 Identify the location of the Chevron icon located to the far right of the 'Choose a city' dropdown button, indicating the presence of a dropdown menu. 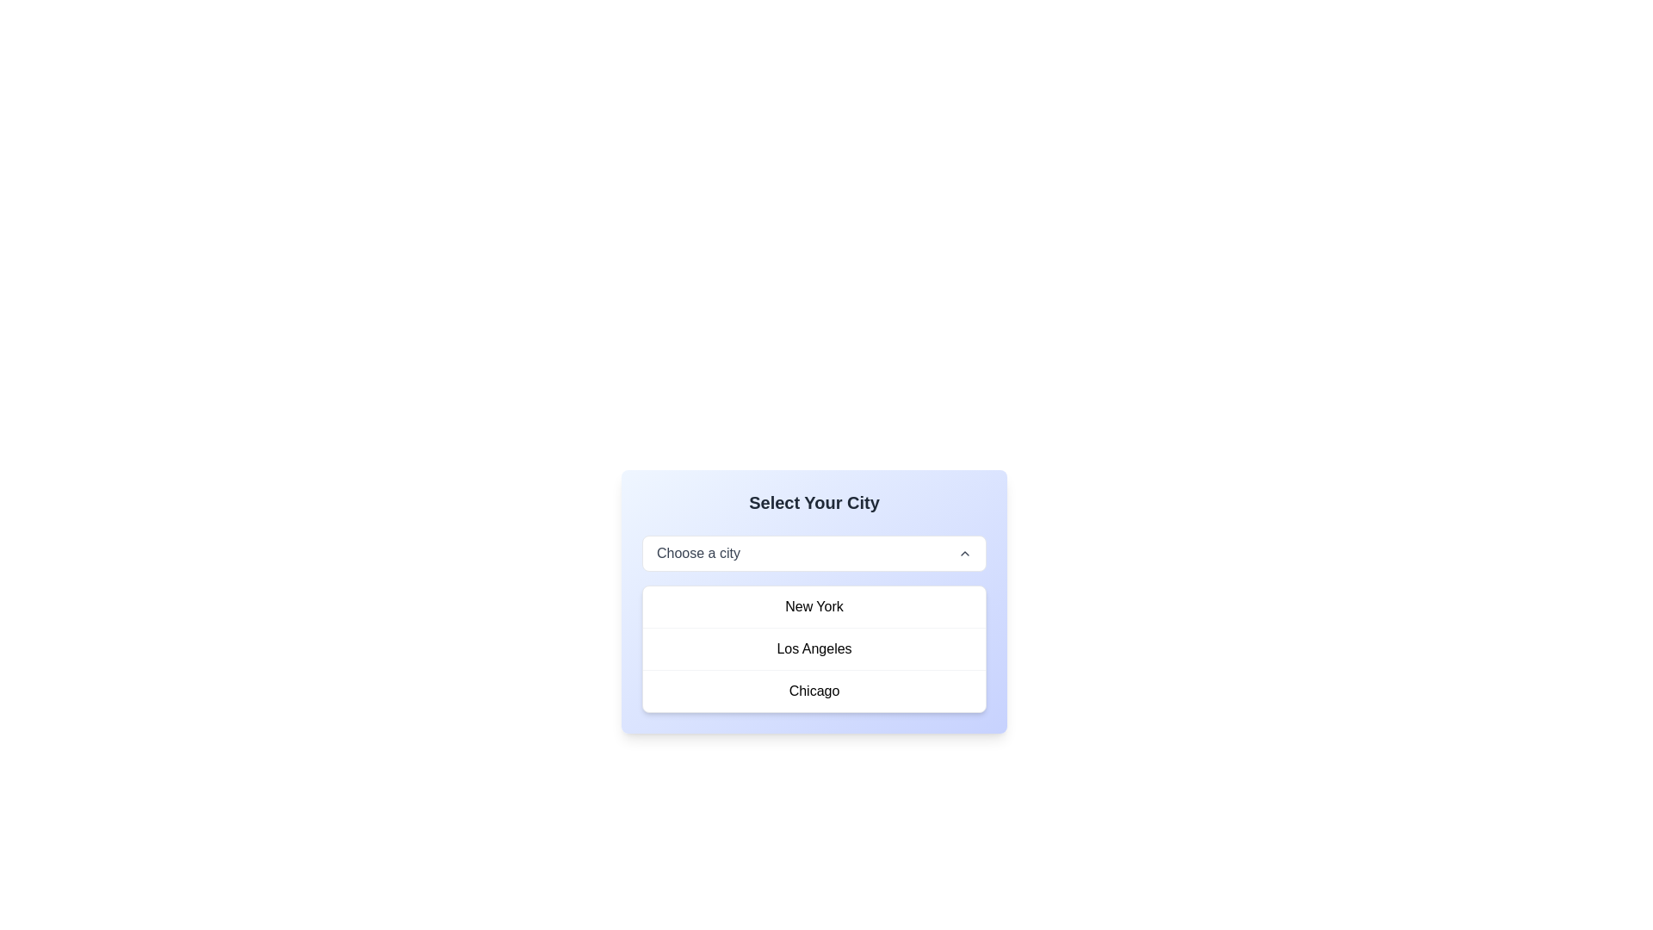
(965, 554).